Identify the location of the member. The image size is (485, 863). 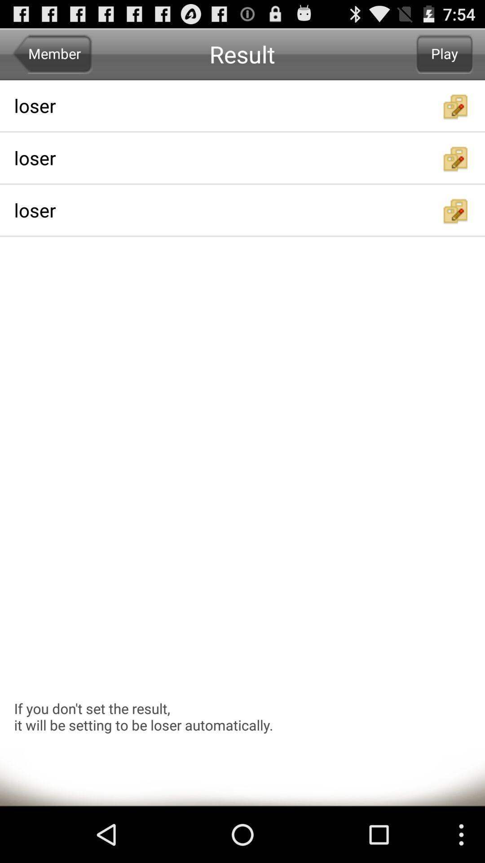
(52, 53).